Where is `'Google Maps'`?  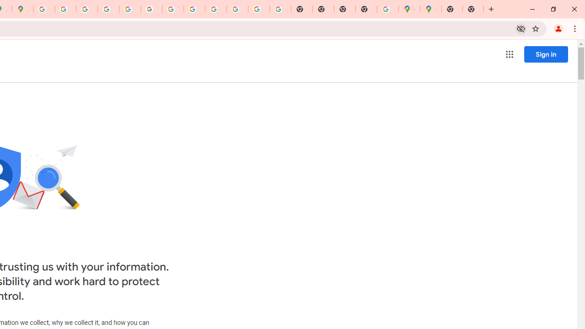
'Google Maps' is located at coordinates (409, 9).